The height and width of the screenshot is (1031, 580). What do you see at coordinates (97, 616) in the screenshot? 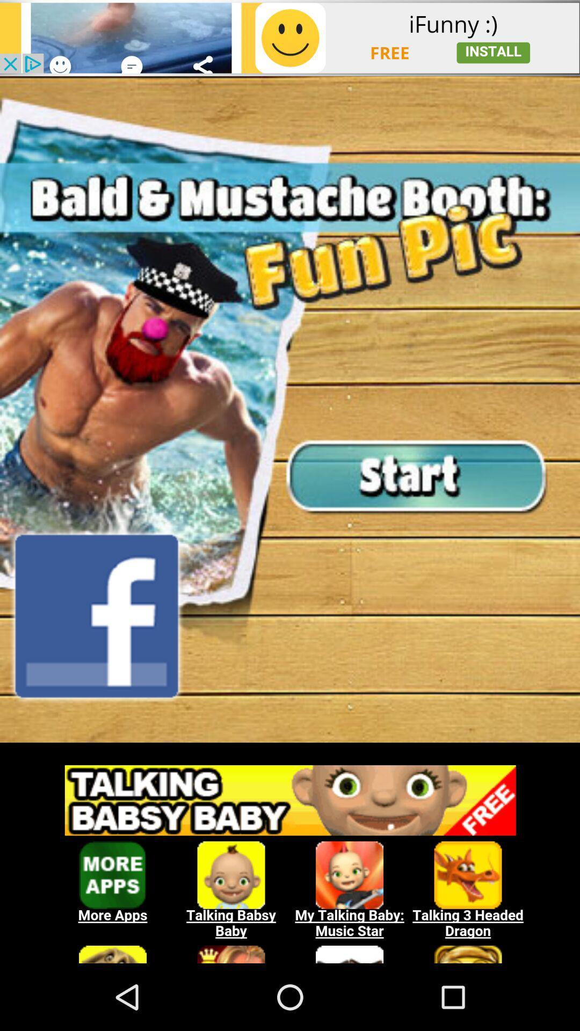
I see `facebook page` at bounding box center [97, 616].